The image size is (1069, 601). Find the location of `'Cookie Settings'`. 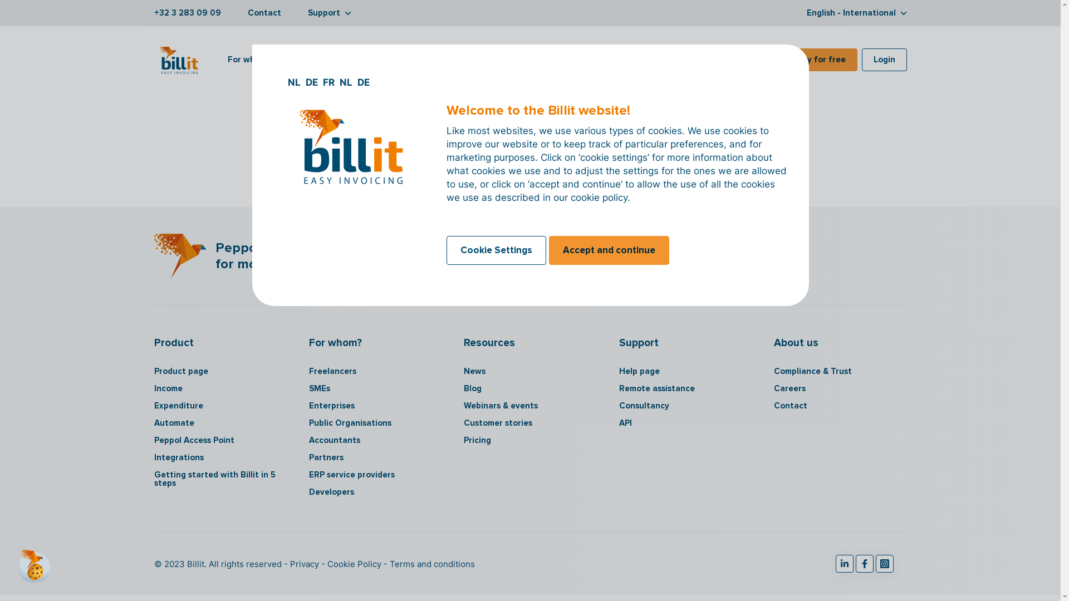

'Cookie Settings' is located at coordinates (446, 250).